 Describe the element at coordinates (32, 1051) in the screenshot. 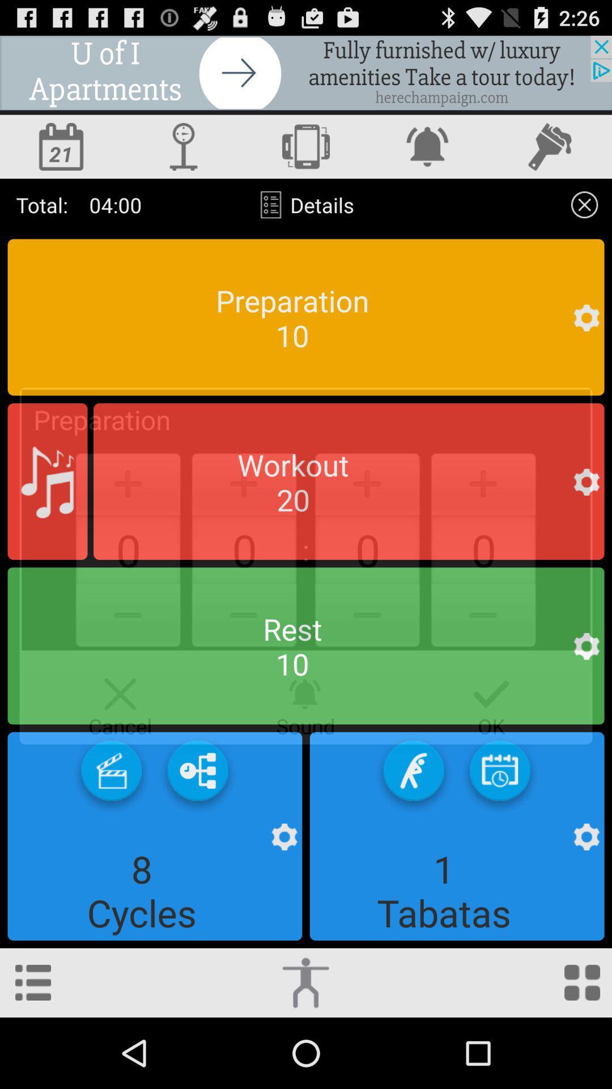

I see `the list icon` at that location.